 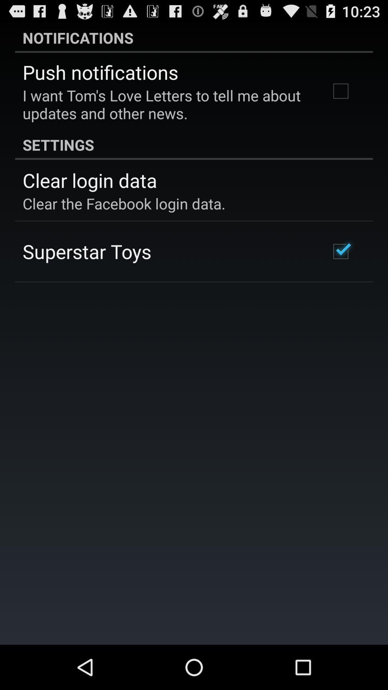 What do you see at coordinates (166, 104) in the screenshot?
I see `the icon below the push notifications item` at bounding box center [166, 104].